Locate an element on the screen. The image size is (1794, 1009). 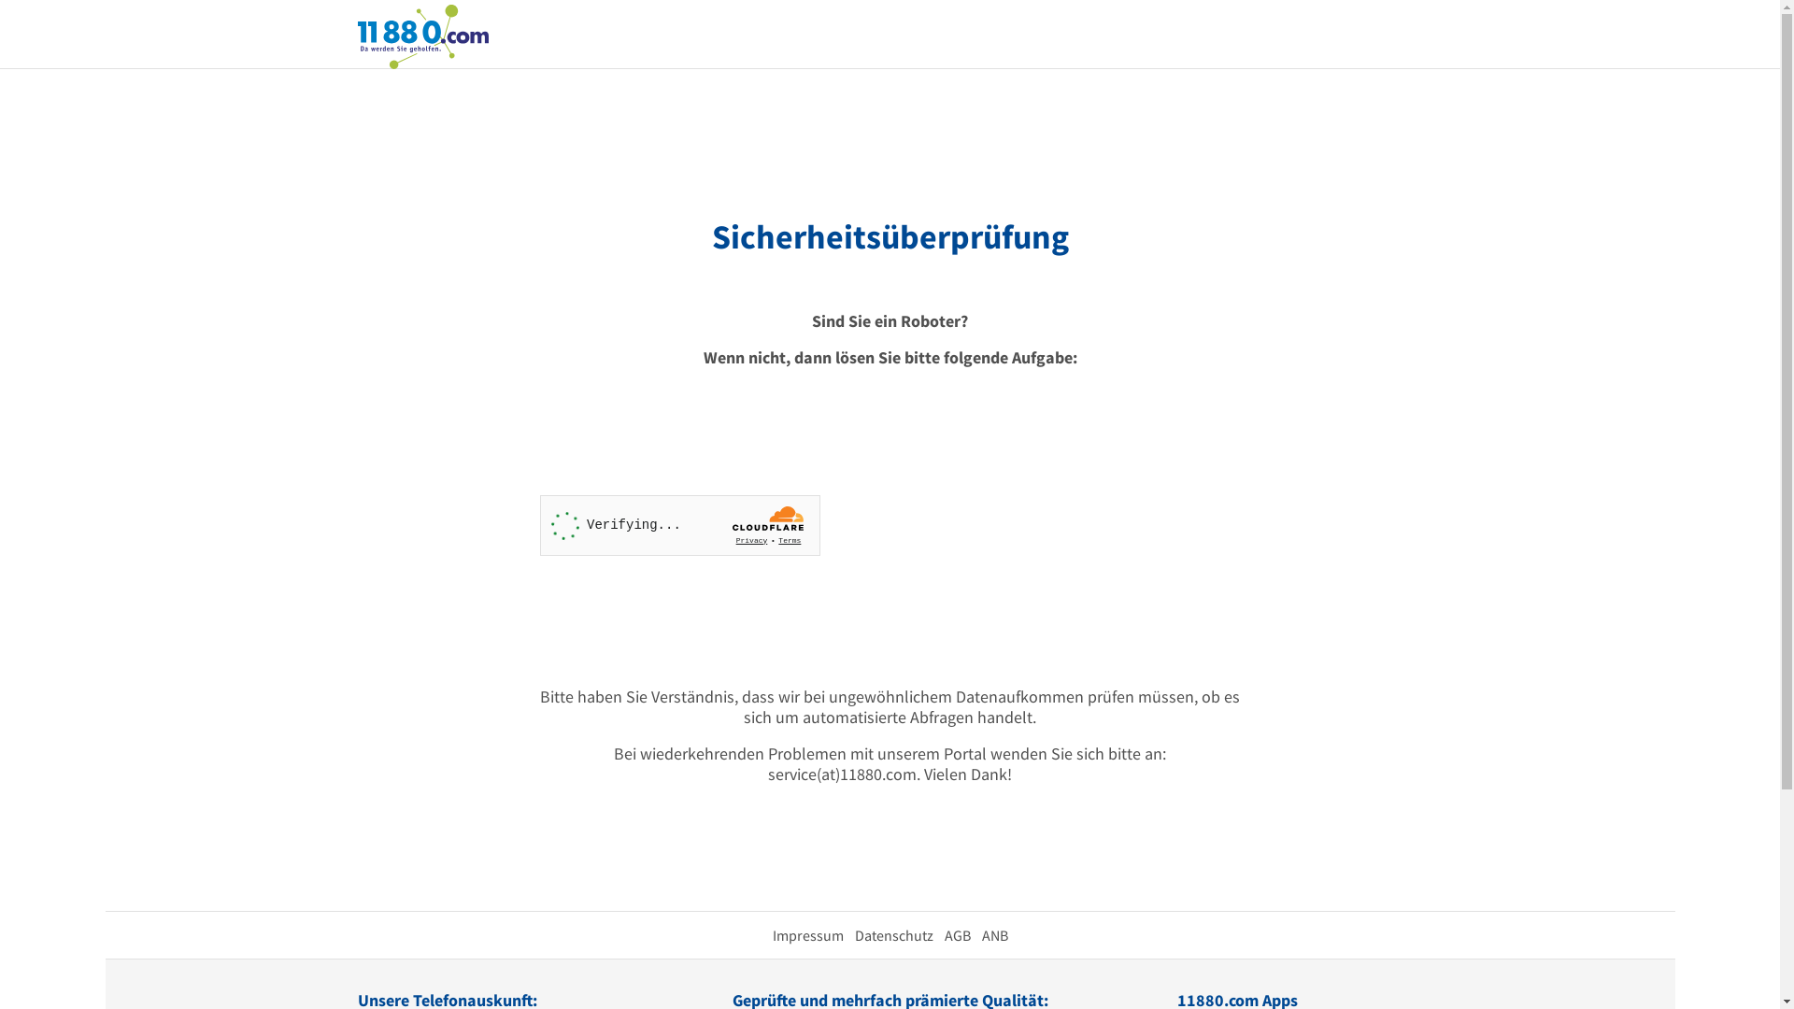
'Widget containing a Cloudflare security challenge' is located at coordinates (538, 525).